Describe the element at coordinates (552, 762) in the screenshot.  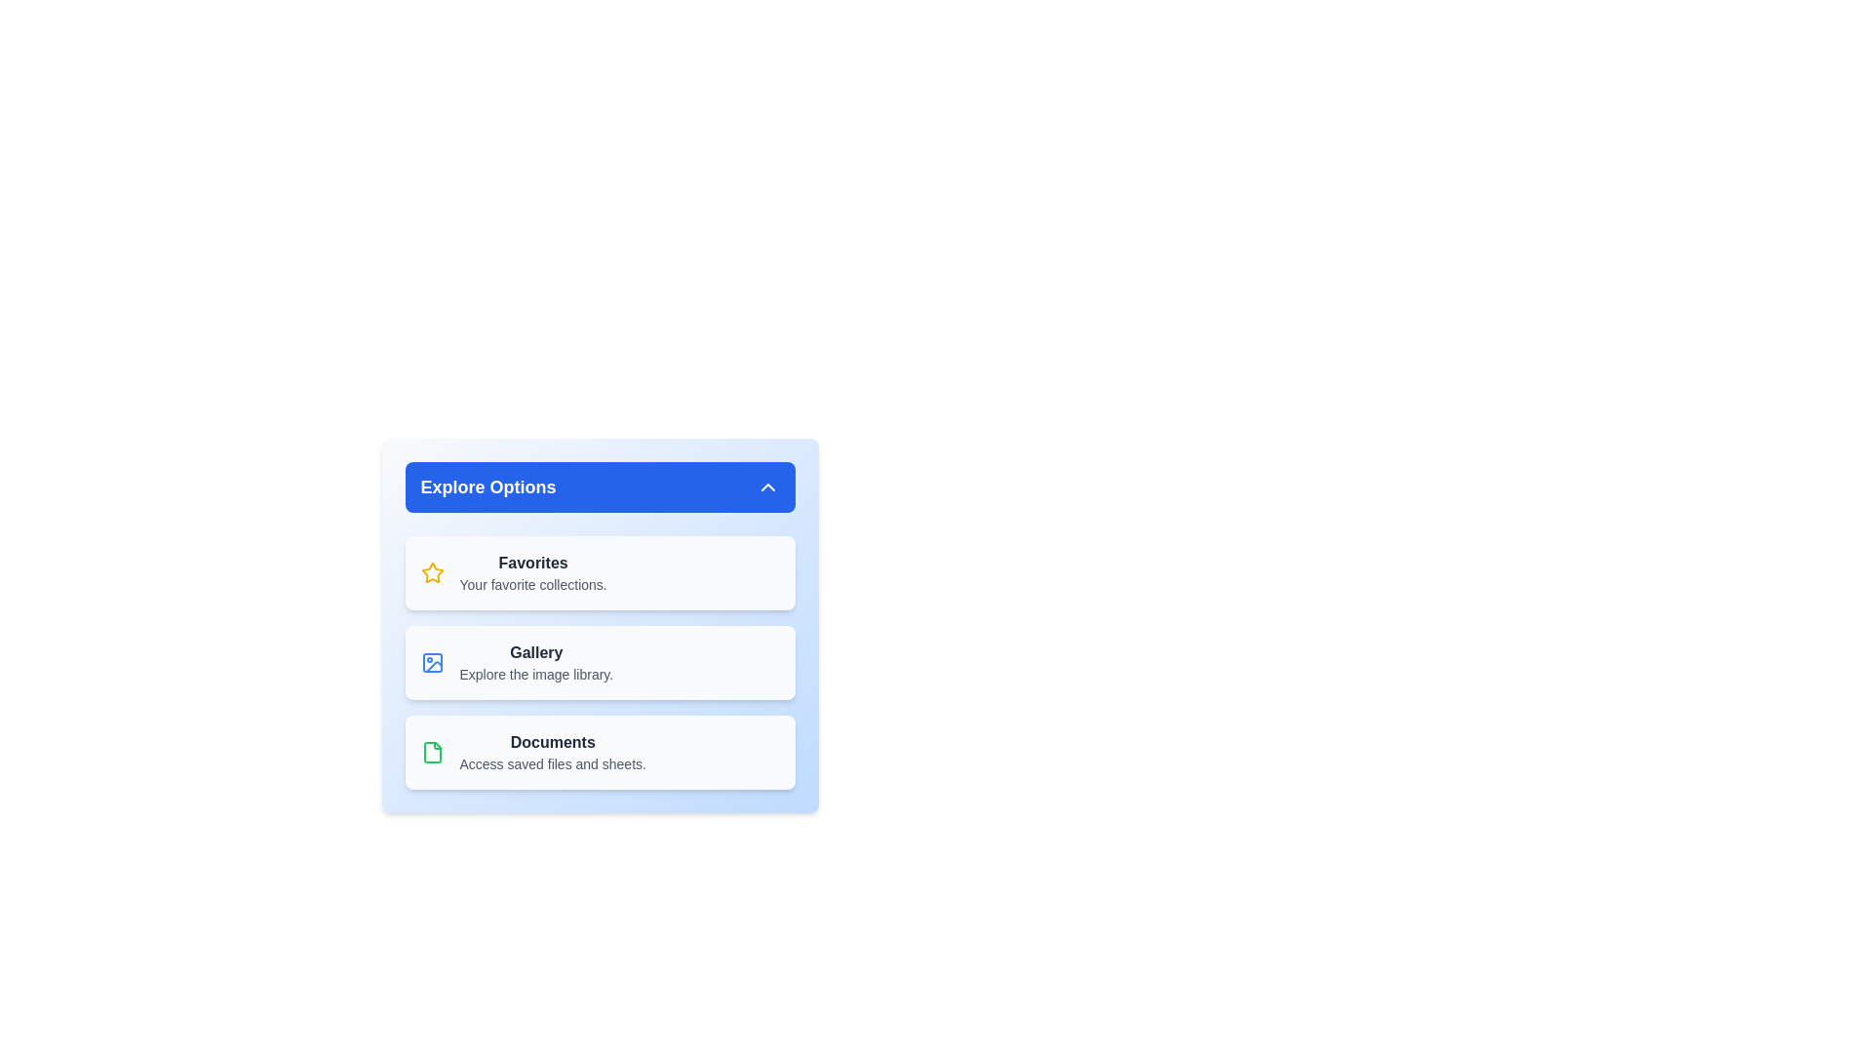
I see `the text label reading 'Access saved files and sheets.' which is positioned directly under the 'Documents' label, aligned with it` at that location.